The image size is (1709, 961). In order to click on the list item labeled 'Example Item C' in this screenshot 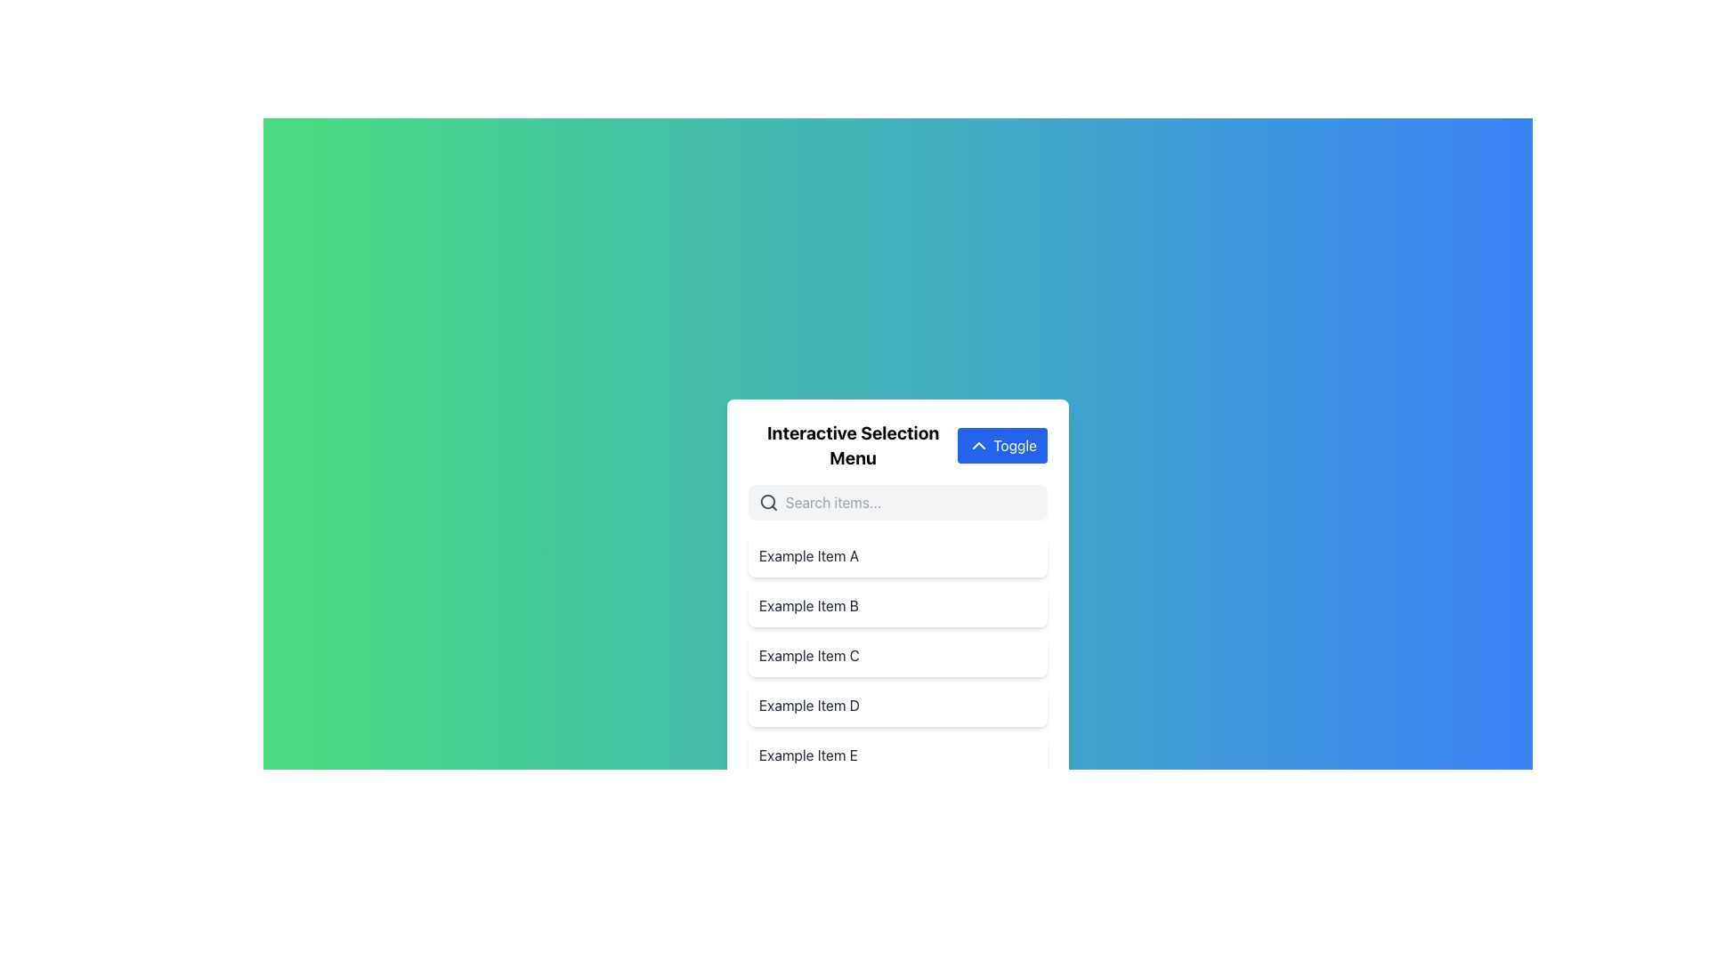, I will do `click(897, 655)`.